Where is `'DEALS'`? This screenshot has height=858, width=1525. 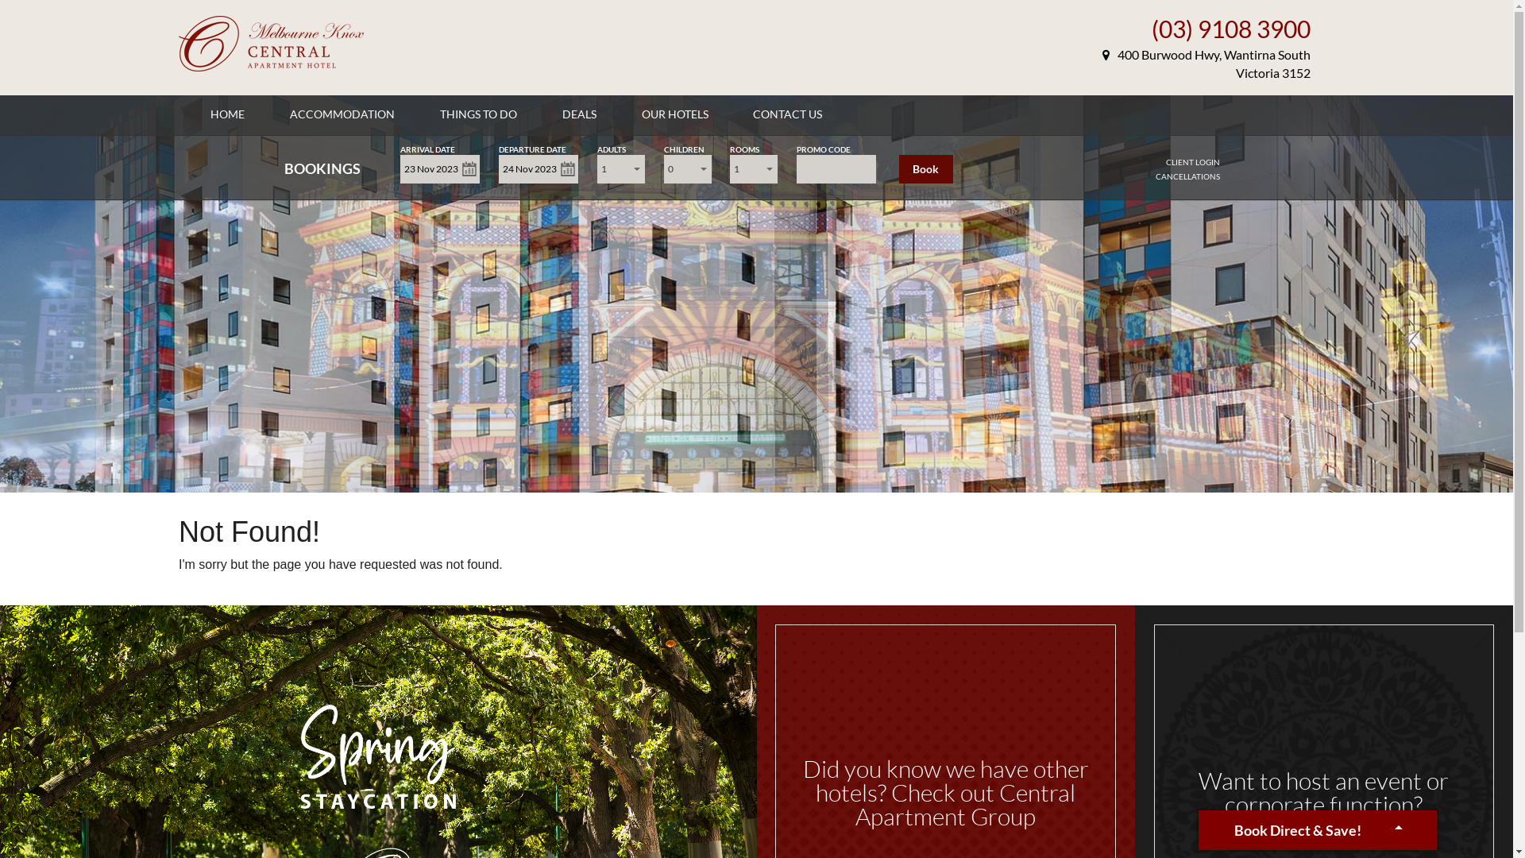 'DEALS' is located at coordinates (562, 113).